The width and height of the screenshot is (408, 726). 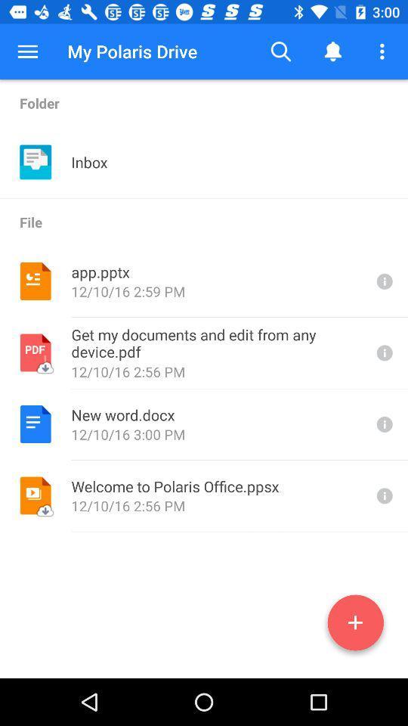 I want to click on details on file, so click(x=383, y=352).